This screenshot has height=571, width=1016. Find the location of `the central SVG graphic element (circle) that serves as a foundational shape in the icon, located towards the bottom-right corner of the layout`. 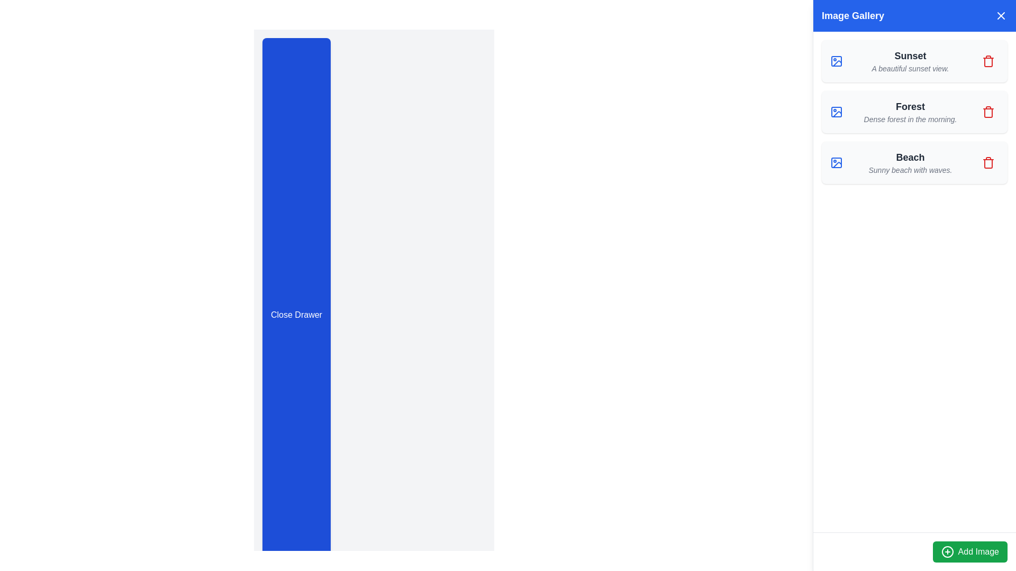

the central SVG graphic element (circle) that serves as a foundational shape in the icon, located towards the bottom-right corner of the layout is located at coordinates (947, 551).